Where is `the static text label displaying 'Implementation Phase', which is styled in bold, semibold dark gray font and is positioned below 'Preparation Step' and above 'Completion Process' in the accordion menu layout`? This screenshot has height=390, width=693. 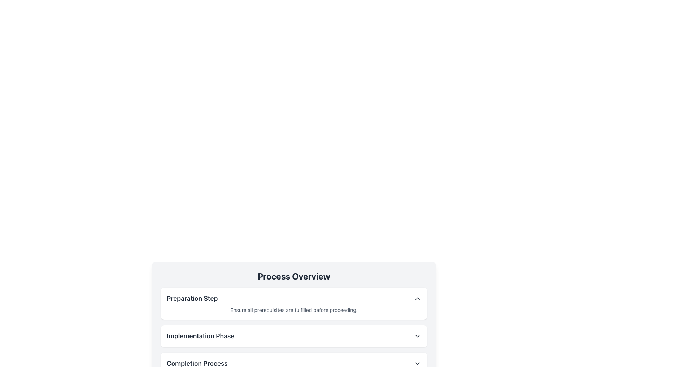
the static text label displaying 'Implementation Phase', which is styled in bold, semibold dark gray font and is positioned below 'Preparation Step' and above 'Completion Process' in the accordion menu layout is located at coordinates (200, 336).